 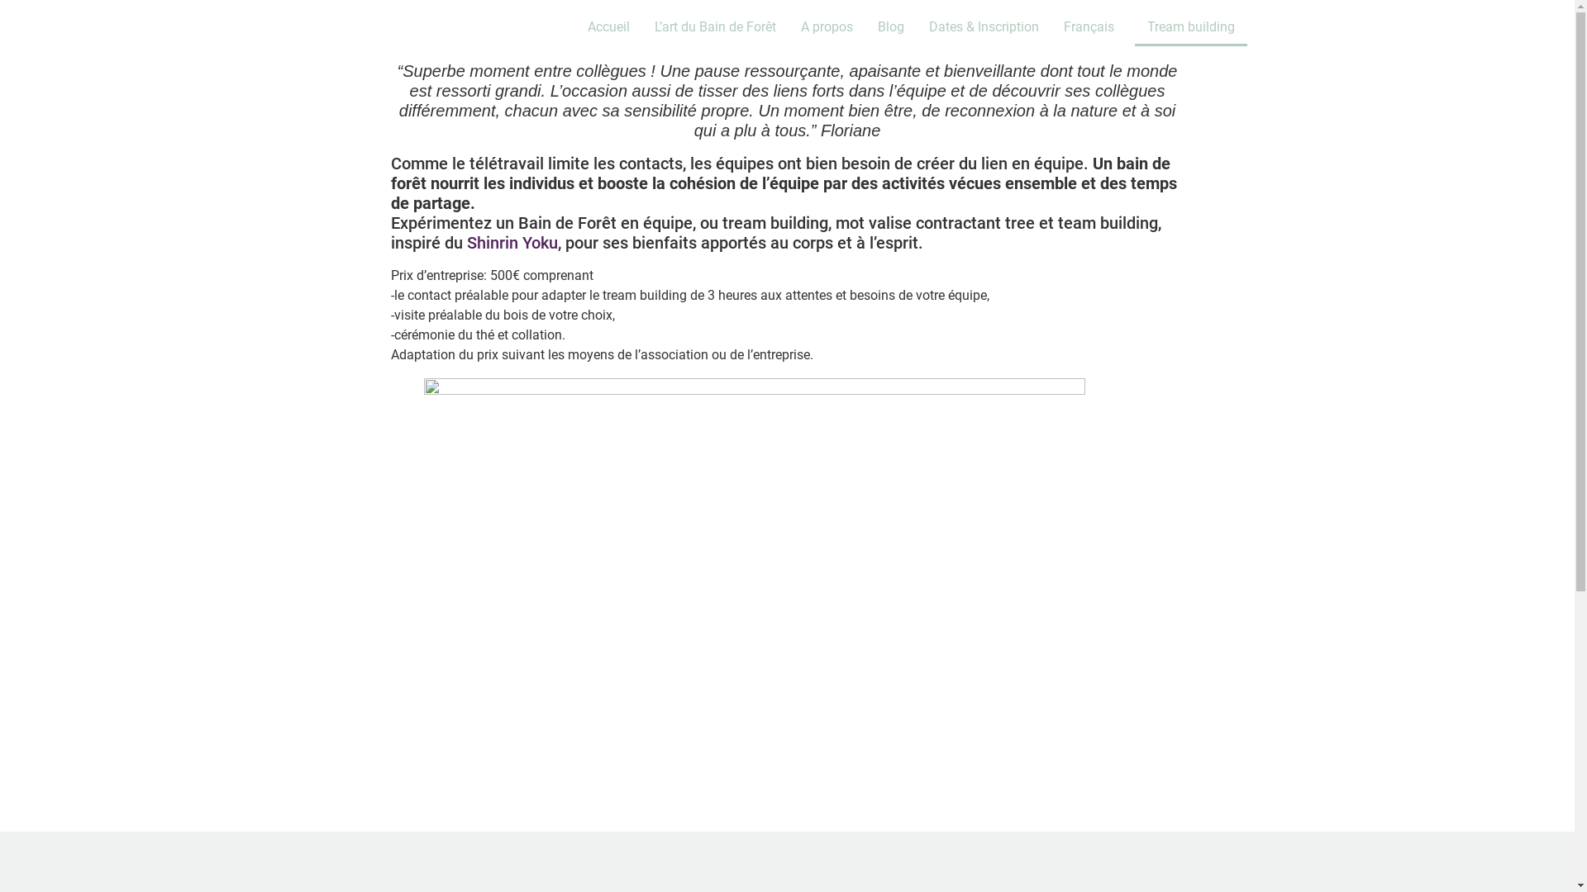 I want to click on 'Blog', so click(x=890, y=27).